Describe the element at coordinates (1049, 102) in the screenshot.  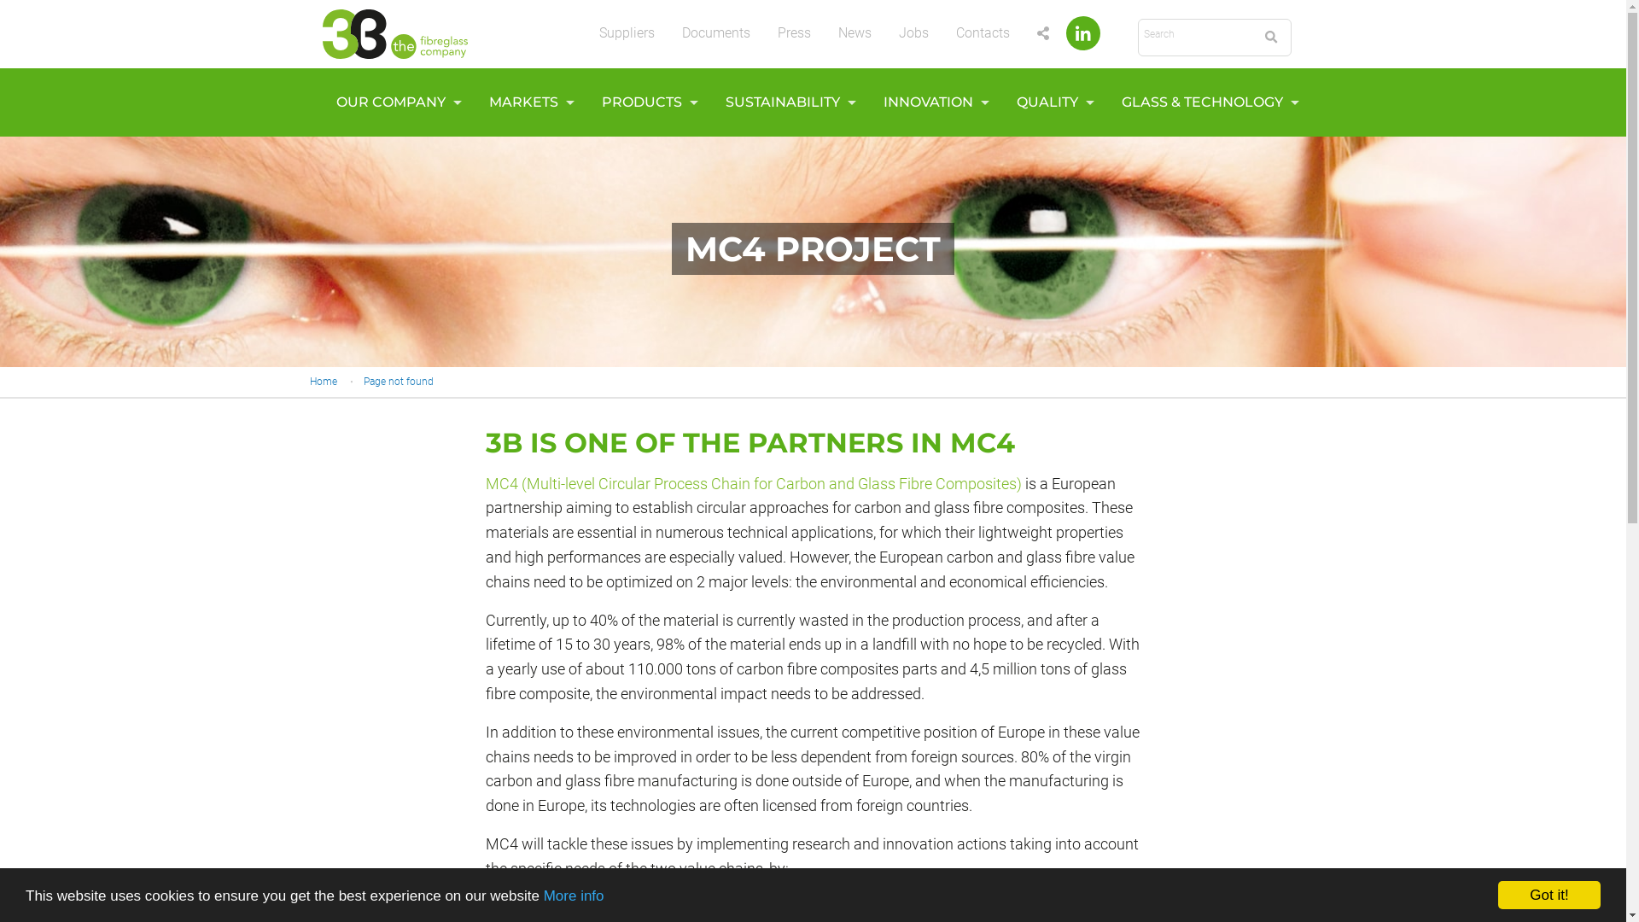
I see `'QUALITY'` at that location.